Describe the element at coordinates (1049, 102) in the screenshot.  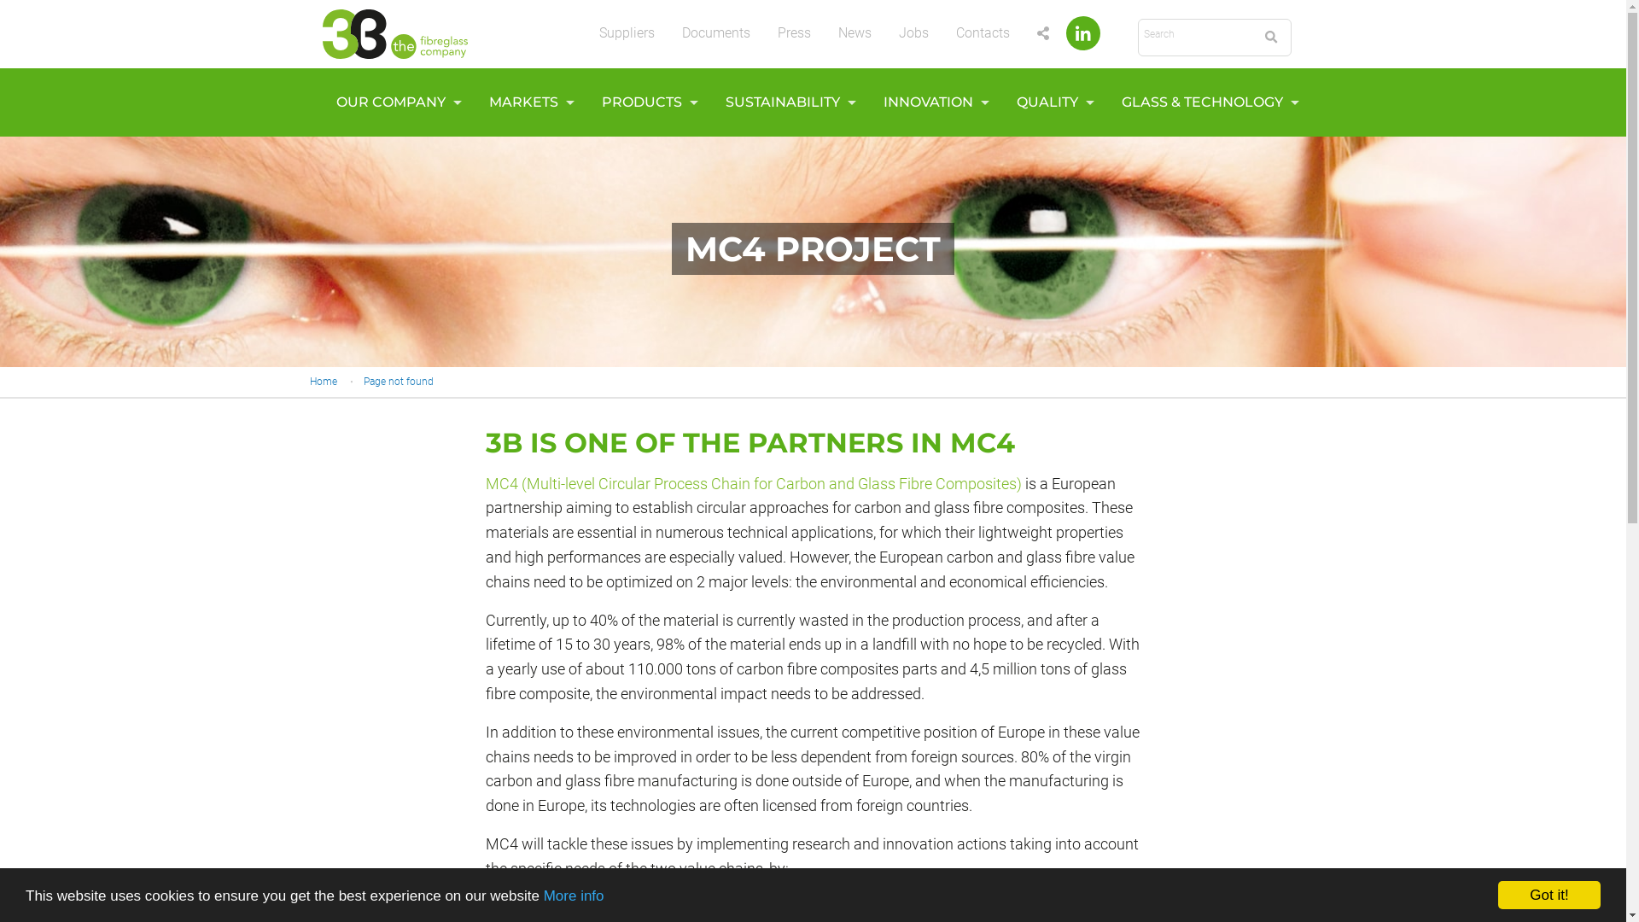
I see `'QUALITY'` at that location.